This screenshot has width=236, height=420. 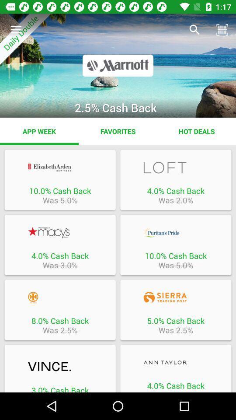 What do you see at coordinates (176, 167) in the screenshot?
I see `open loft` at bounding box center [176, 167].